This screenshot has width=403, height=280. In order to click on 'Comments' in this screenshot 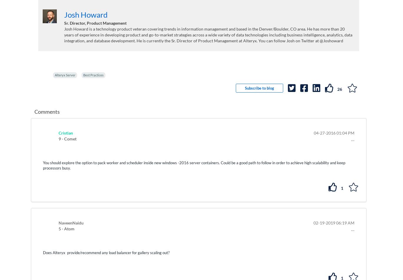, I will do `click(47, 111)`.